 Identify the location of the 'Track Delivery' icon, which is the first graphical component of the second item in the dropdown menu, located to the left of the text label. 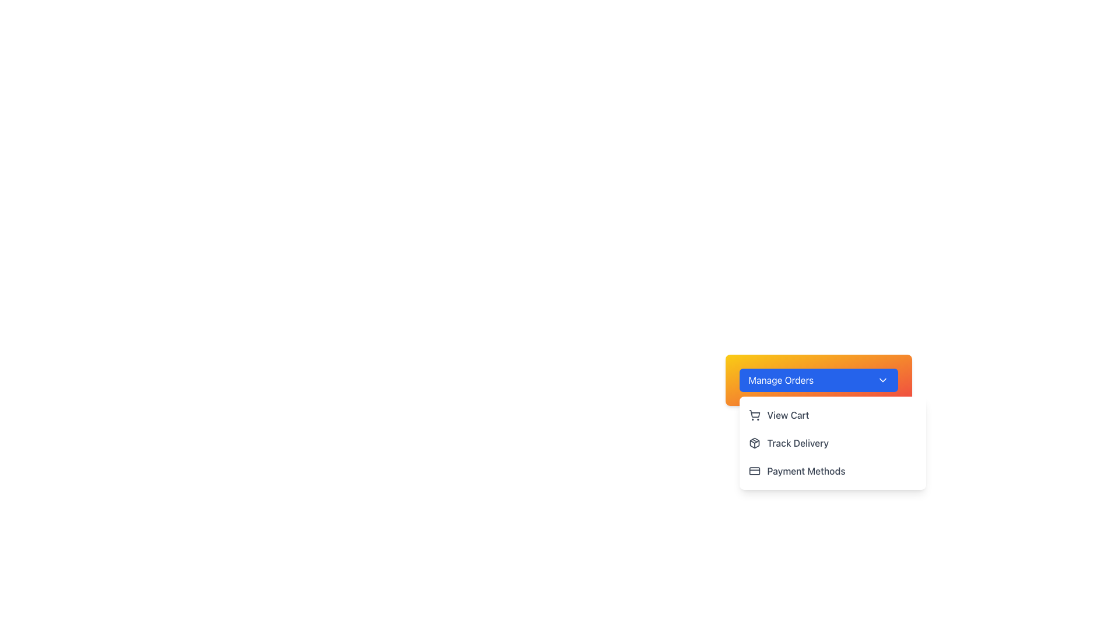
(754, 443).